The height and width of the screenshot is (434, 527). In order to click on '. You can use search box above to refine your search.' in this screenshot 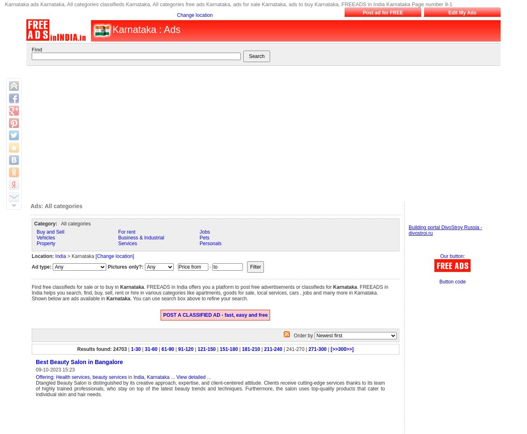, I will do `click(189, 299)`.